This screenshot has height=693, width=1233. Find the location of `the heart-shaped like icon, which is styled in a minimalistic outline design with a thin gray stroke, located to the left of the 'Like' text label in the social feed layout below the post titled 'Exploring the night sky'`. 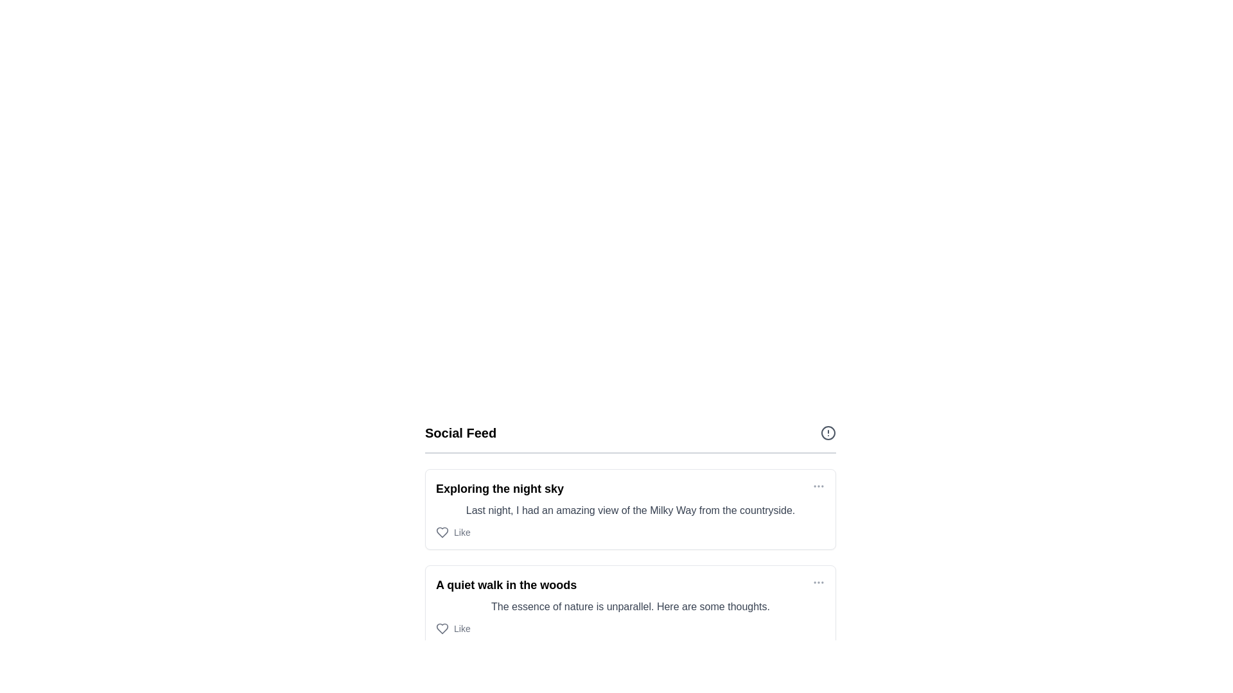

the heart-shaped like icon, which is styled in a minimalistic outline design with a thin gray stroke, located to the left of the 'Like' text label in the social feed layout below the post titled 'Exploring the night sky' is located at coordinates (442, 532).